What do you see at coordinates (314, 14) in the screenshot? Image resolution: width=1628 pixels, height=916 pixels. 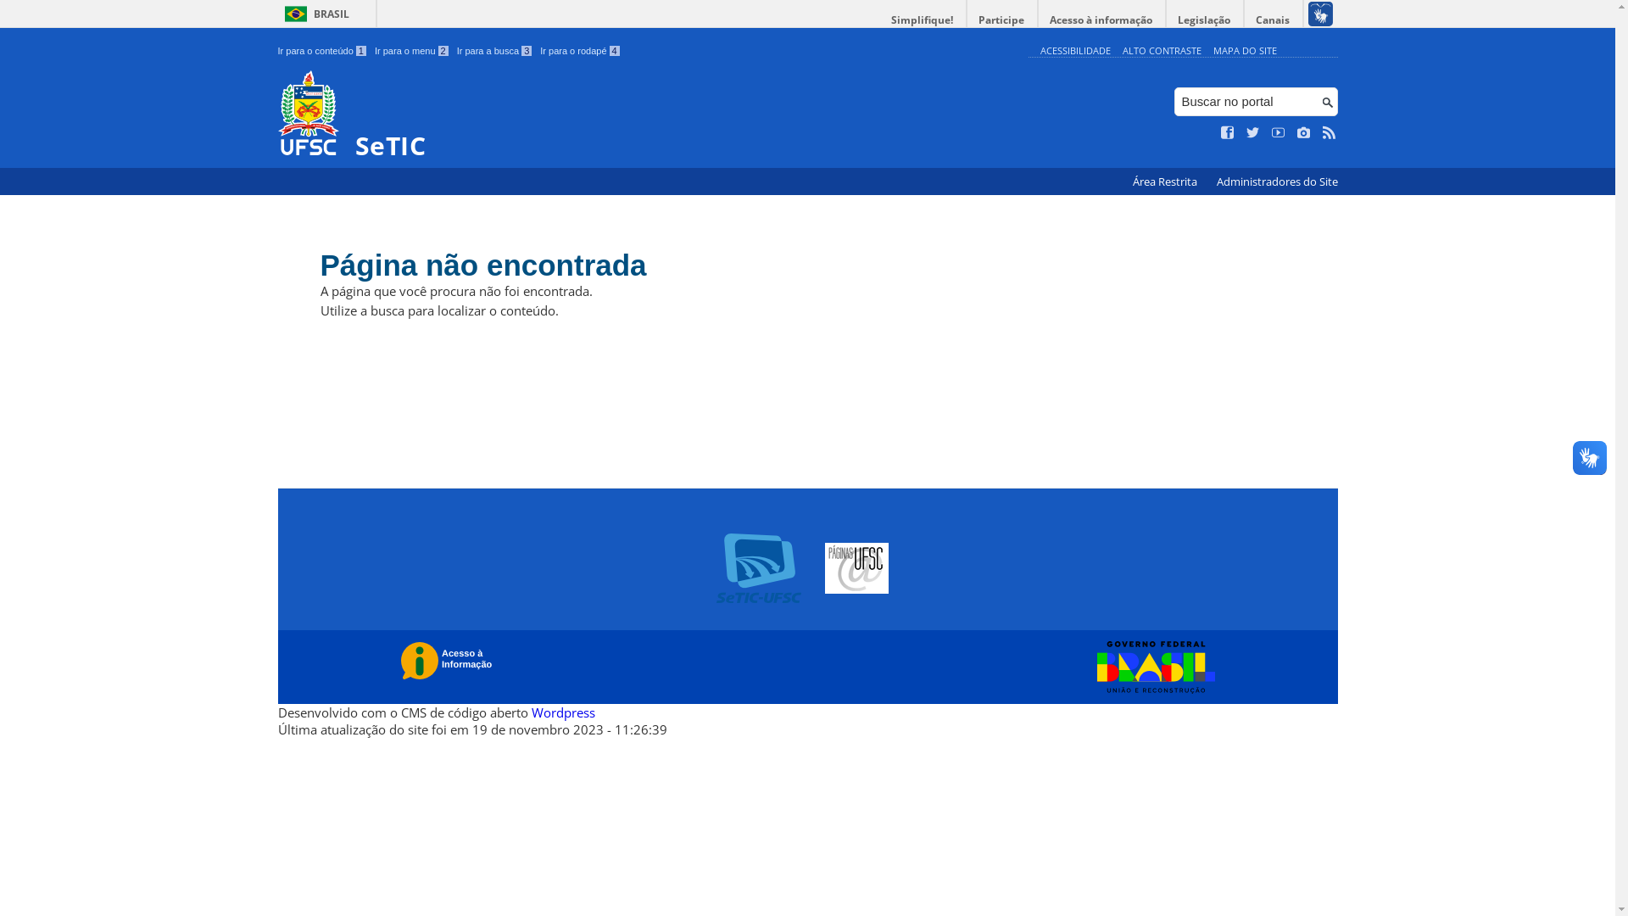 I see `'BRASIL'` at bounding box center [314, 14].